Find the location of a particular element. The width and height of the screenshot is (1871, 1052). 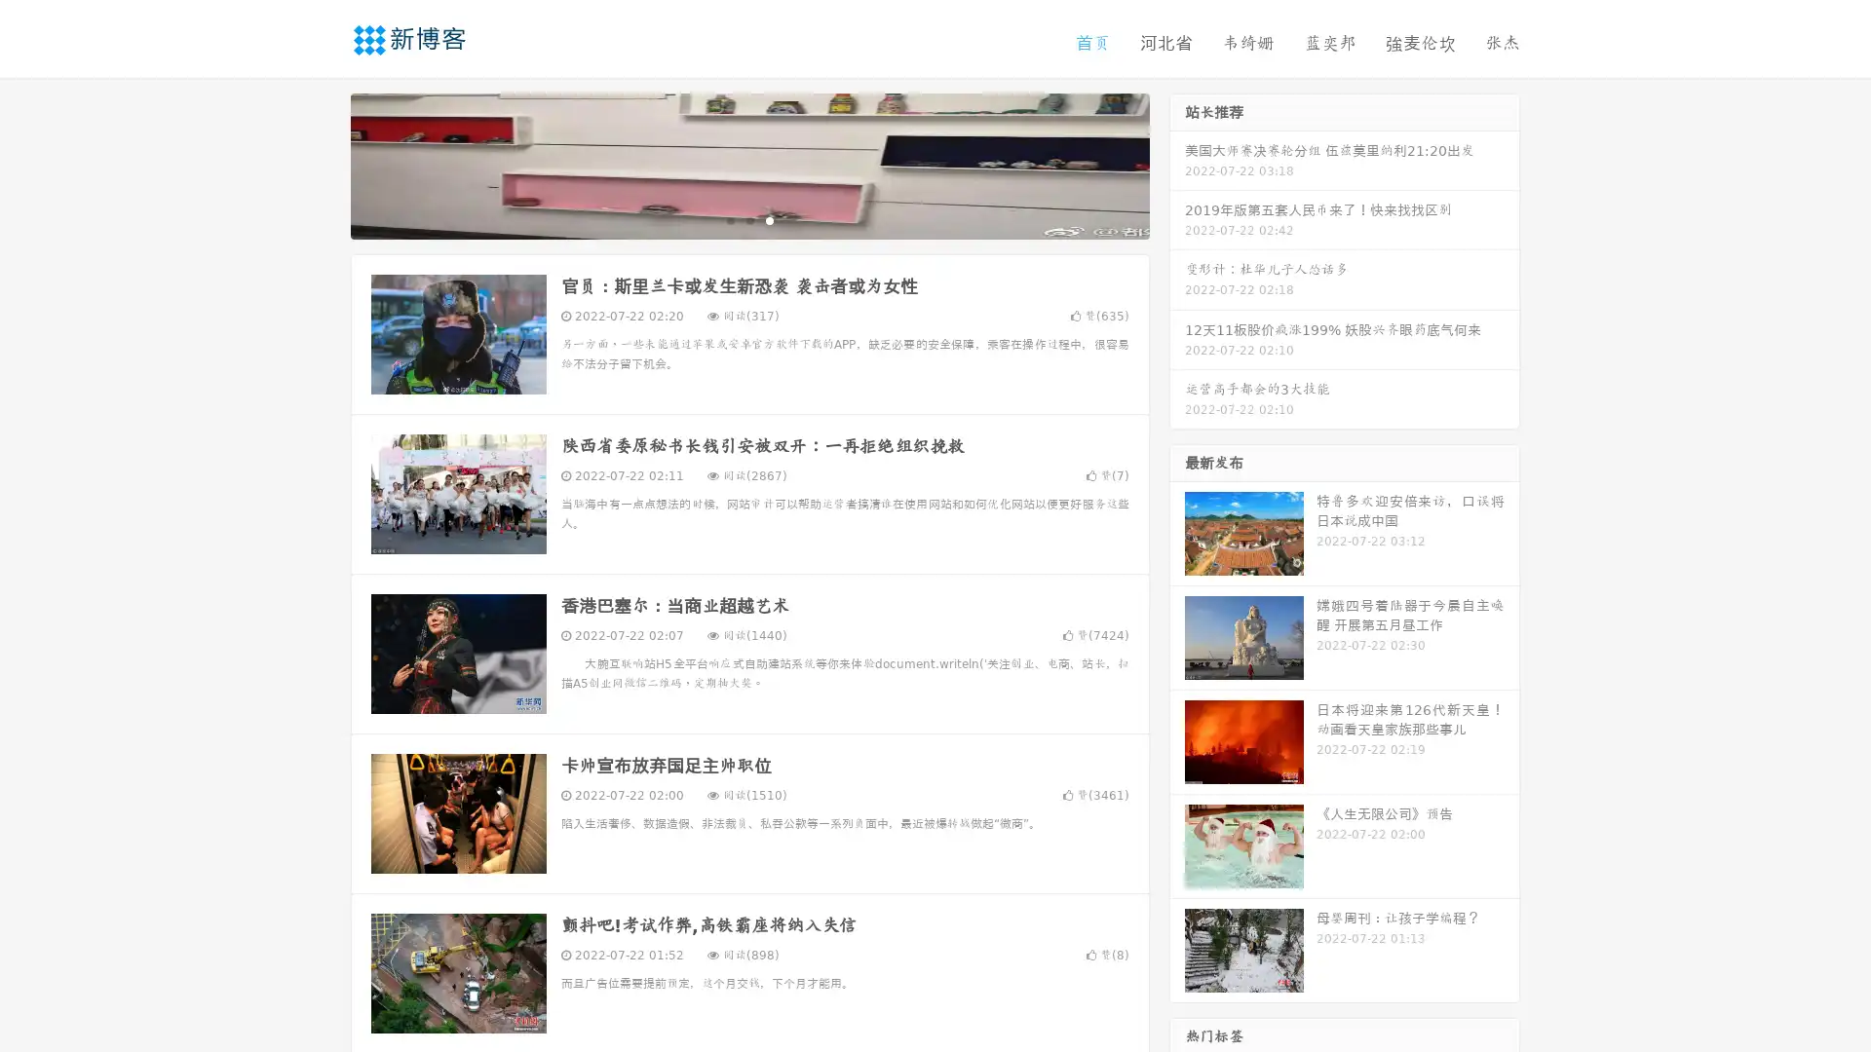

Previous slide is located at coordinates (322, 164).